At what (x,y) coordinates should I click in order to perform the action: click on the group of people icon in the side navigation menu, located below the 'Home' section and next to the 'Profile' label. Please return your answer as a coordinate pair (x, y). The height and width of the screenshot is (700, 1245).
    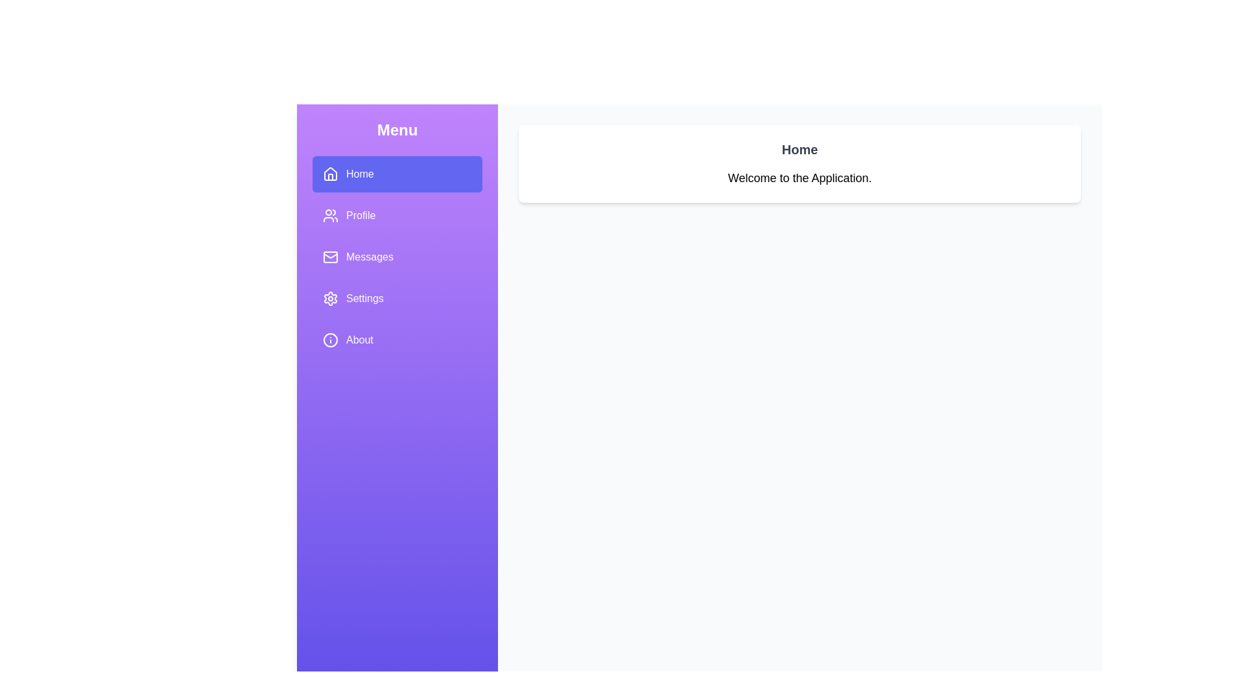
    Looking at the image, I should click on (330, 215).